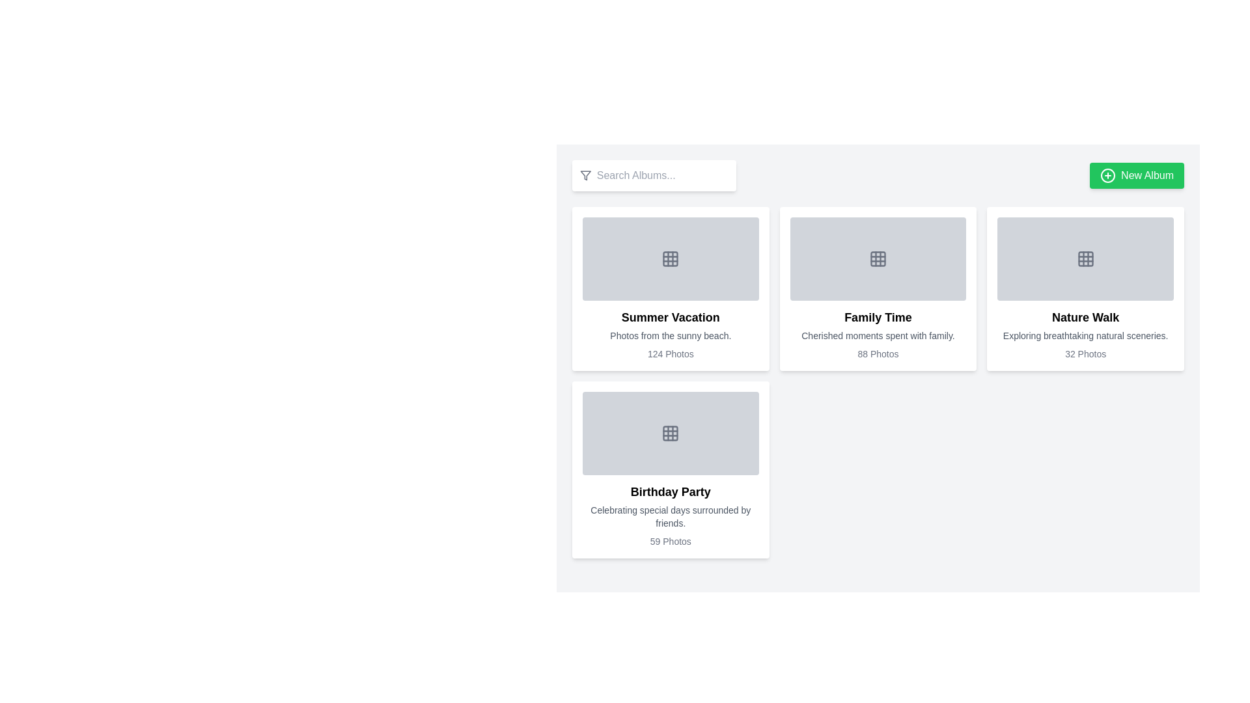 The height and width of the screenshot is (703, 1250). I want to click on the circular outline element containing the '+' symbol within the top-right corner of the green 'New Album' button, so click(1107, 176).